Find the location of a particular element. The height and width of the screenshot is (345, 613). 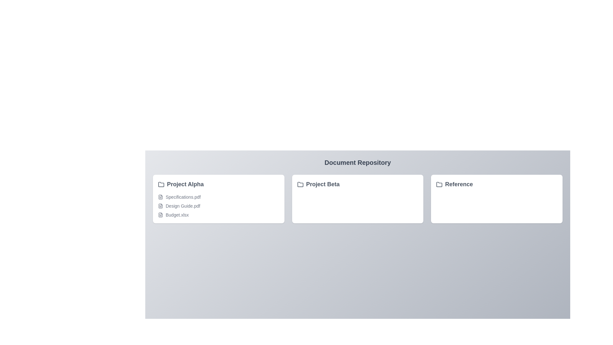

the folder icon located in the grid structure under the 'Project Alpha' section is located at coordinates (161, 184).